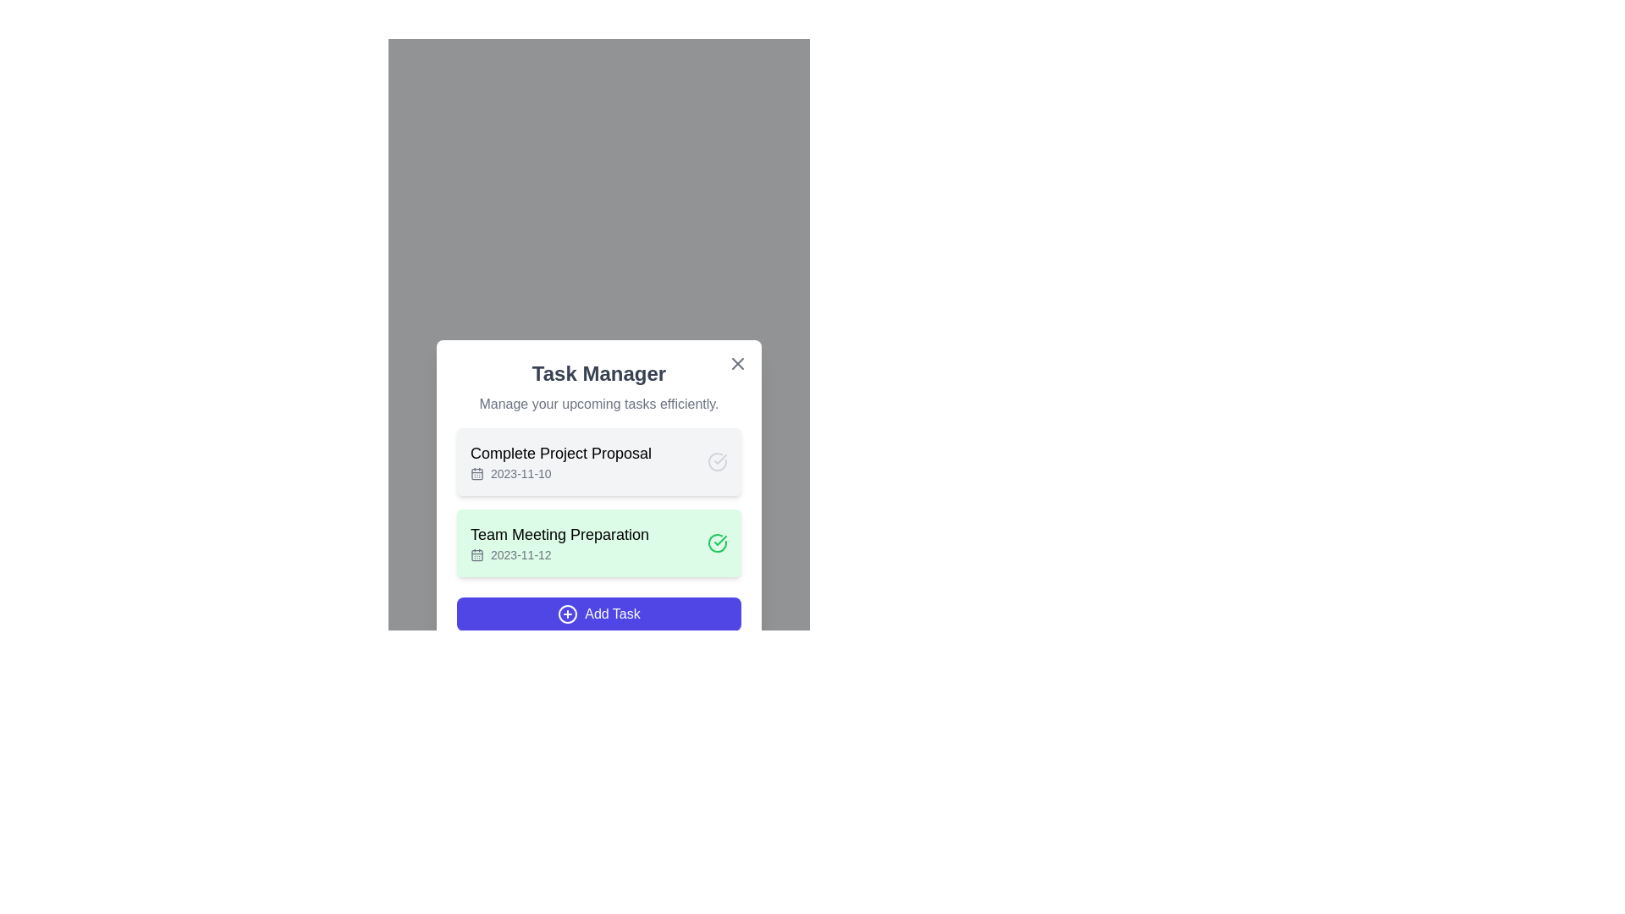 The height and width of the screenshot is (914, 1625). What do you see at coordinates (476, 554) in the screenshot?
I see `the date icon associated with the task 'Team Meeting Preparation' for the date '2023-11-12', positioned to the left of the date text` at bounding box center [476, 554].